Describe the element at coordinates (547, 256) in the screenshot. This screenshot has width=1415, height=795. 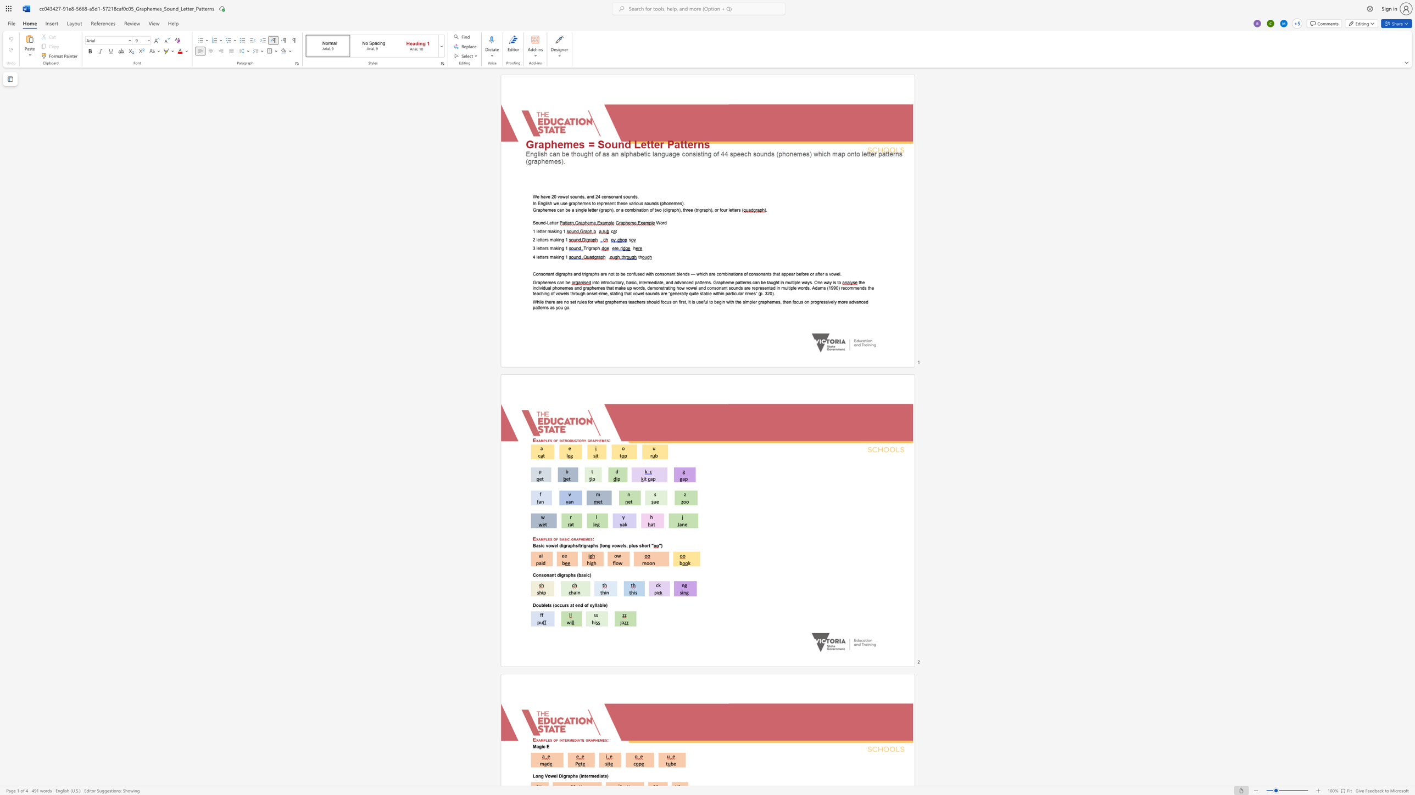
I see `the 1th character "s" in the text` at that location.